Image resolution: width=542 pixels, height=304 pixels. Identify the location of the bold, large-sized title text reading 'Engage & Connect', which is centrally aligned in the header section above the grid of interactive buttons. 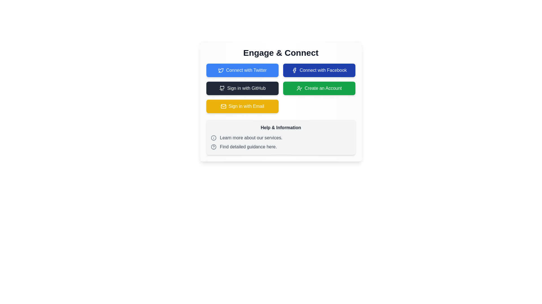
(281, 53).